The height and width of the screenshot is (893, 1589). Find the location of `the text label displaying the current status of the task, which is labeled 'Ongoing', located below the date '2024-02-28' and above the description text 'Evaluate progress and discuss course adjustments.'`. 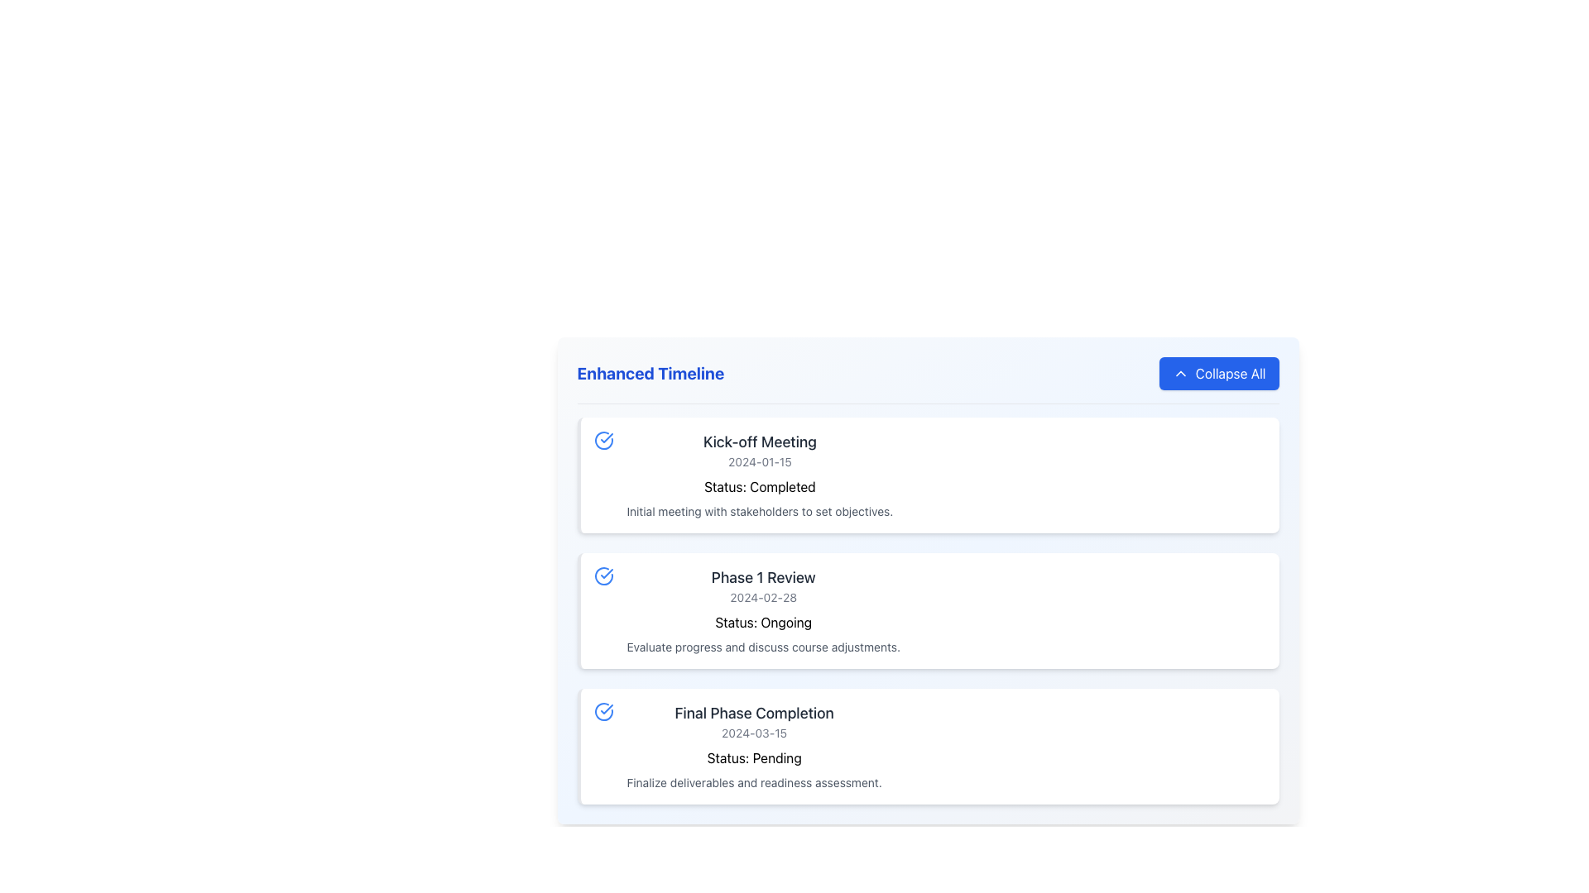

the text label displaying the current status of the task, which is labeled 'Ongoing', located below the date '2024-02-28' and above the description text 'Evaluate progress and discuss course adjustments.' is located at coordinates (762, 618).